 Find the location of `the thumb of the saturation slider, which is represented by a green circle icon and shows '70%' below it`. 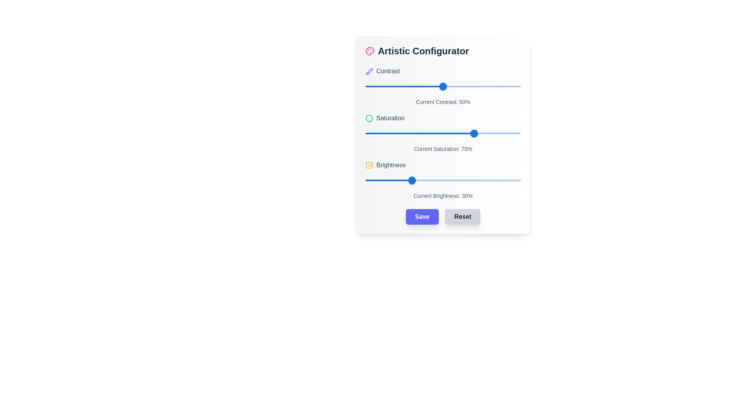

the thumb of the saturation slider, which is represented by a green circle icon and shows '70%' below it is located at coordinates (443, 133).